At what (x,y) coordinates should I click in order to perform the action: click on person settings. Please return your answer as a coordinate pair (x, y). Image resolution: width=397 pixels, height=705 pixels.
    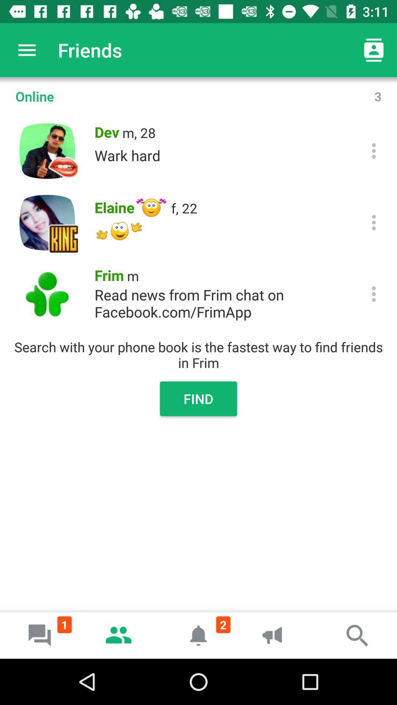
    Looking at the image, I should click on (374, 222).